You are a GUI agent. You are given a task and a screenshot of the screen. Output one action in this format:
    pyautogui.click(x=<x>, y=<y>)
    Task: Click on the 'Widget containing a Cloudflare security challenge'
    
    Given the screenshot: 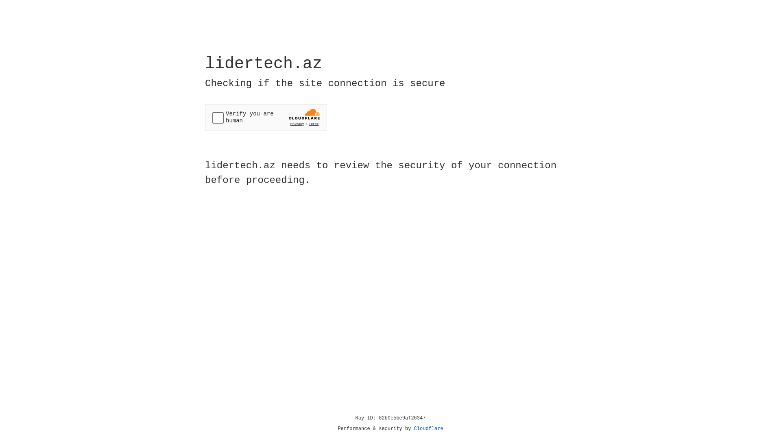 What is the action you would take?
    pyautogui.click(x=266, y=117)
    